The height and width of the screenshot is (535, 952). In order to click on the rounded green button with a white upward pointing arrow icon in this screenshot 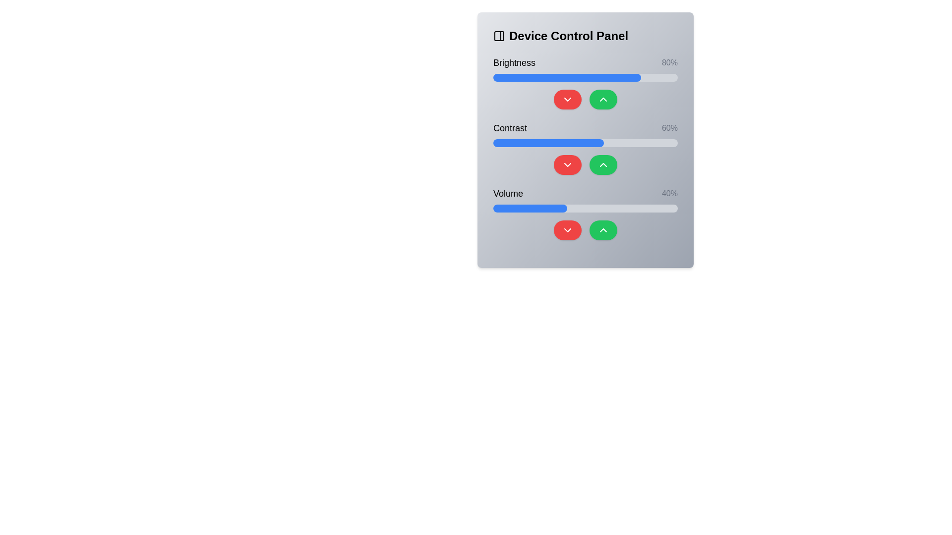, I will do `click(603, 230)`.